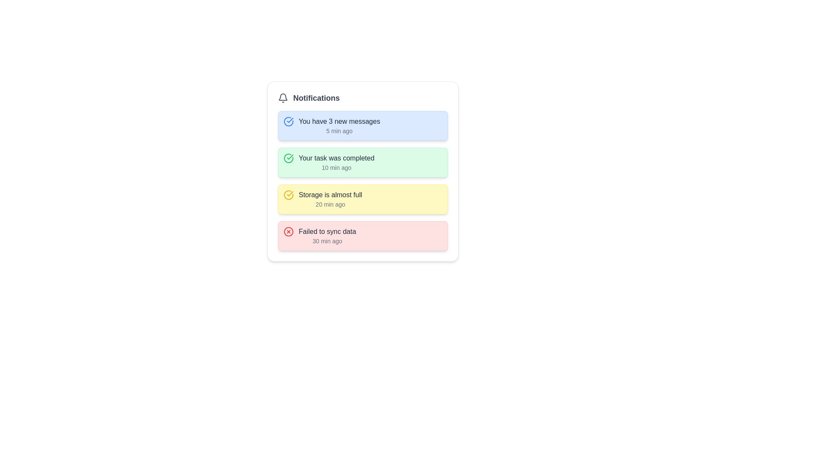 The height and width of the screenshot is (461, 820). What do you see at coordinates (327, 236) in the screenshot?
I see `the alert by clicking on the notification message titled 'Failed to sync data', which is styled with a bold font and is placed within a red, rounded rectangle` at bounding box center [327, 236].